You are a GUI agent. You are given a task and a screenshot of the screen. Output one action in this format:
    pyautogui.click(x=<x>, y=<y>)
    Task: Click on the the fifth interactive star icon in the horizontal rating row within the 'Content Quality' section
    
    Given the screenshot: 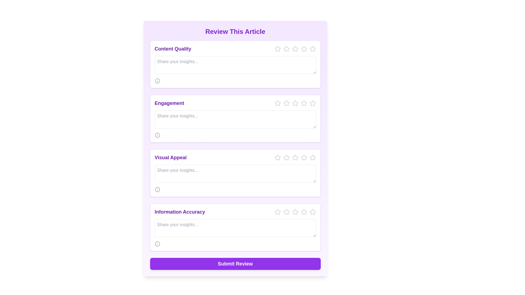 What is the action you would take?
    pyautogui.click(x=295, y=48)
    